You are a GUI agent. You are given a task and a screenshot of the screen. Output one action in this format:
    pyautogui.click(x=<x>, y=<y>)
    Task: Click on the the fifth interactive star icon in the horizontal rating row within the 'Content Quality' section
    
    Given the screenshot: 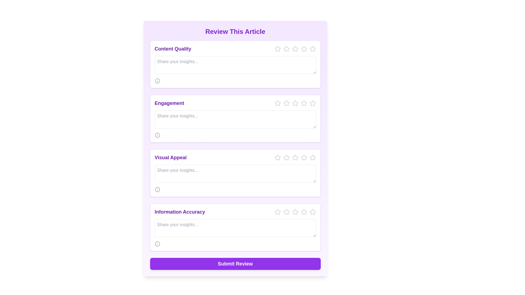 What is the action you would take?
    pyautogui.click(x=295, y=48)
    